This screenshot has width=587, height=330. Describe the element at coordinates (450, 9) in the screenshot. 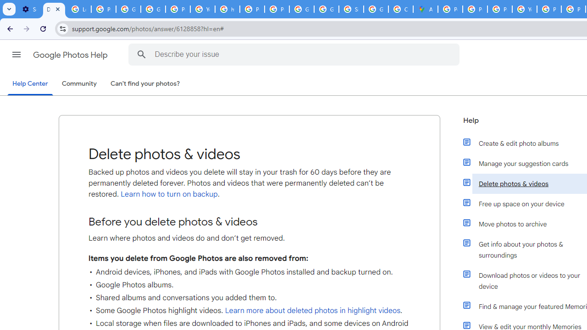

I see `'Policy Accountability and Transparency - Transparency Center'` at that location.